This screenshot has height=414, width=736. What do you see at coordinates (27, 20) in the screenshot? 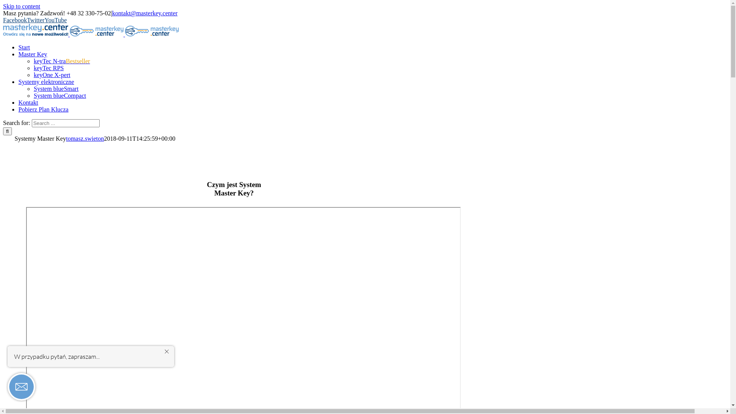
I see `'Twitter'` at bounding box center [27, 20].